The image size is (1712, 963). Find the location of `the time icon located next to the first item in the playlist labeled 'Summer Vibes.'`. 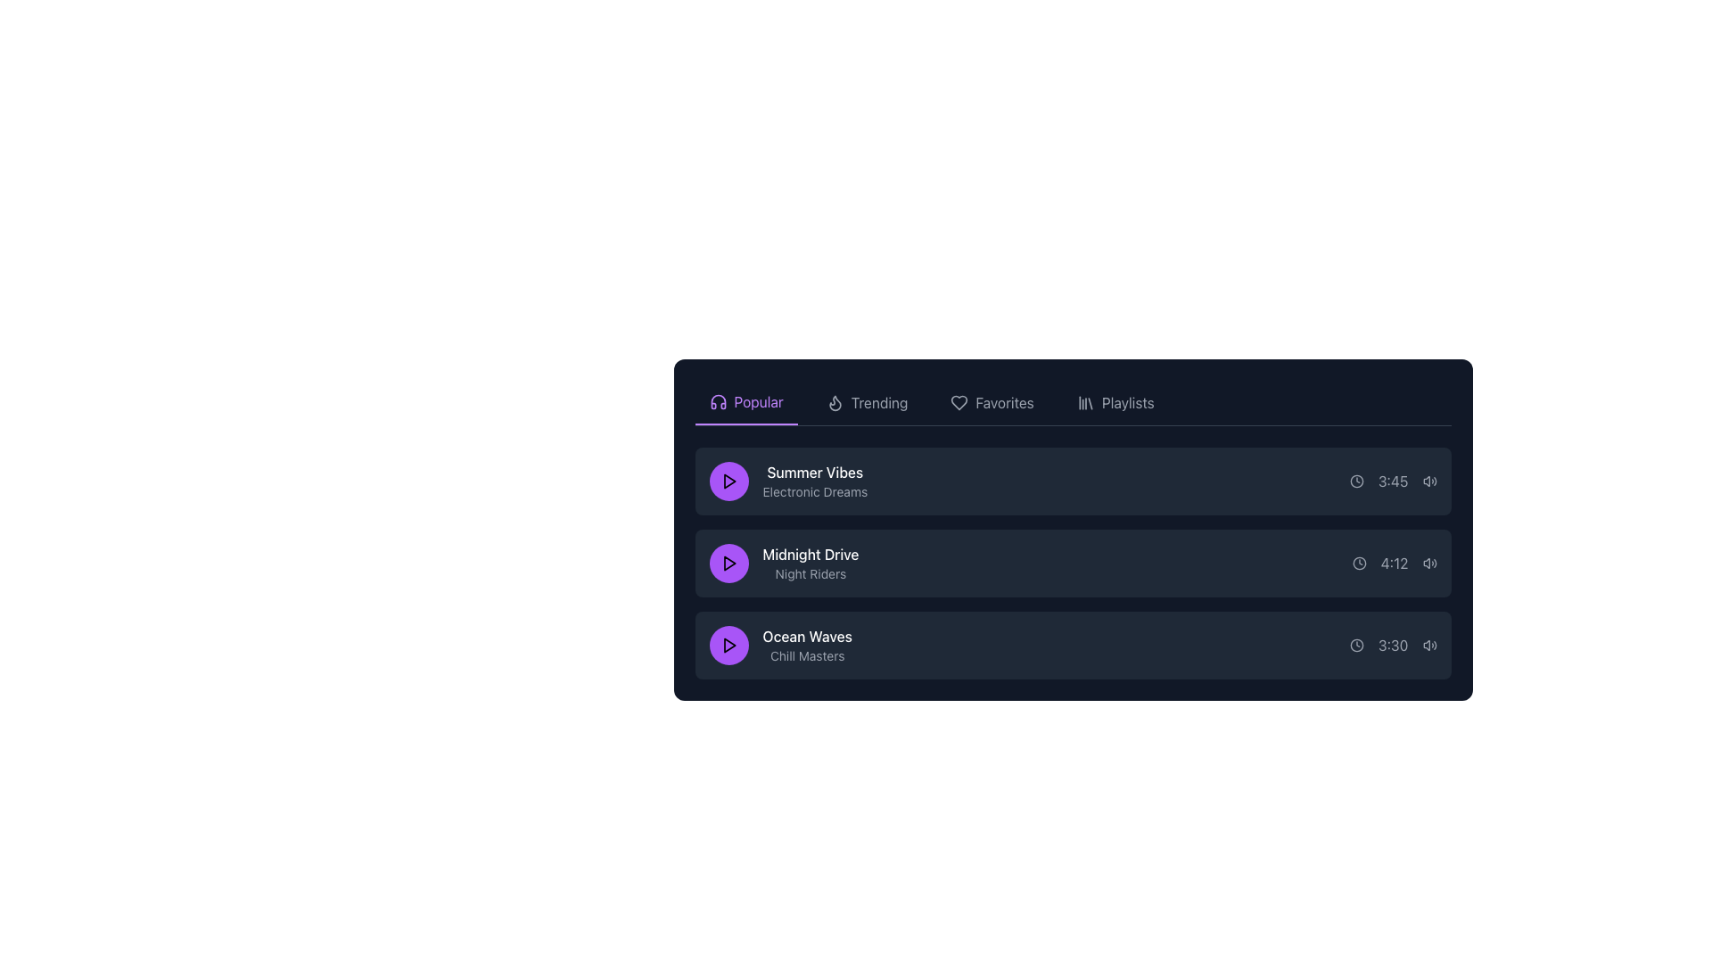

the time icon located next to the first item in the playlist labeled 'Summer Vibes.' is located at coordinates (1355, 481).